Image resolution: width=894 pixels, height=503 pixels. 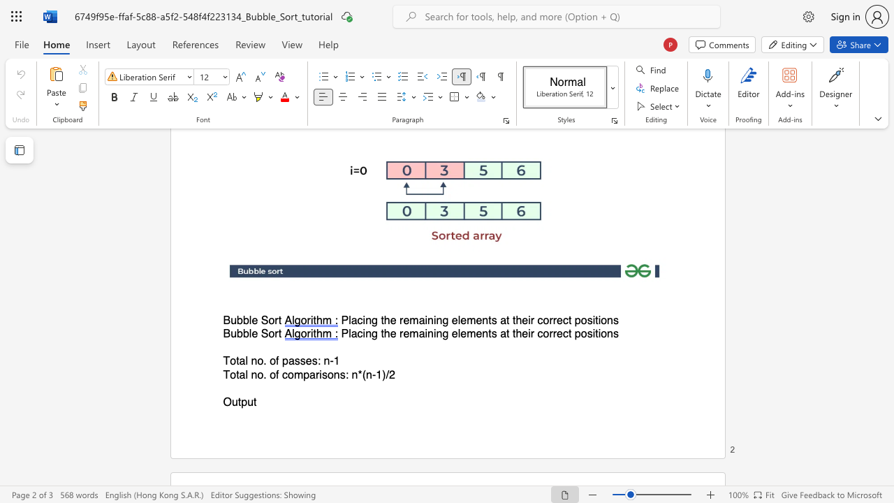 What do you see at coordinates (268, 321) in the screenshot?
I see `the space between the continuous character "S" and "o" in the text` at bounding box center [268, 321].